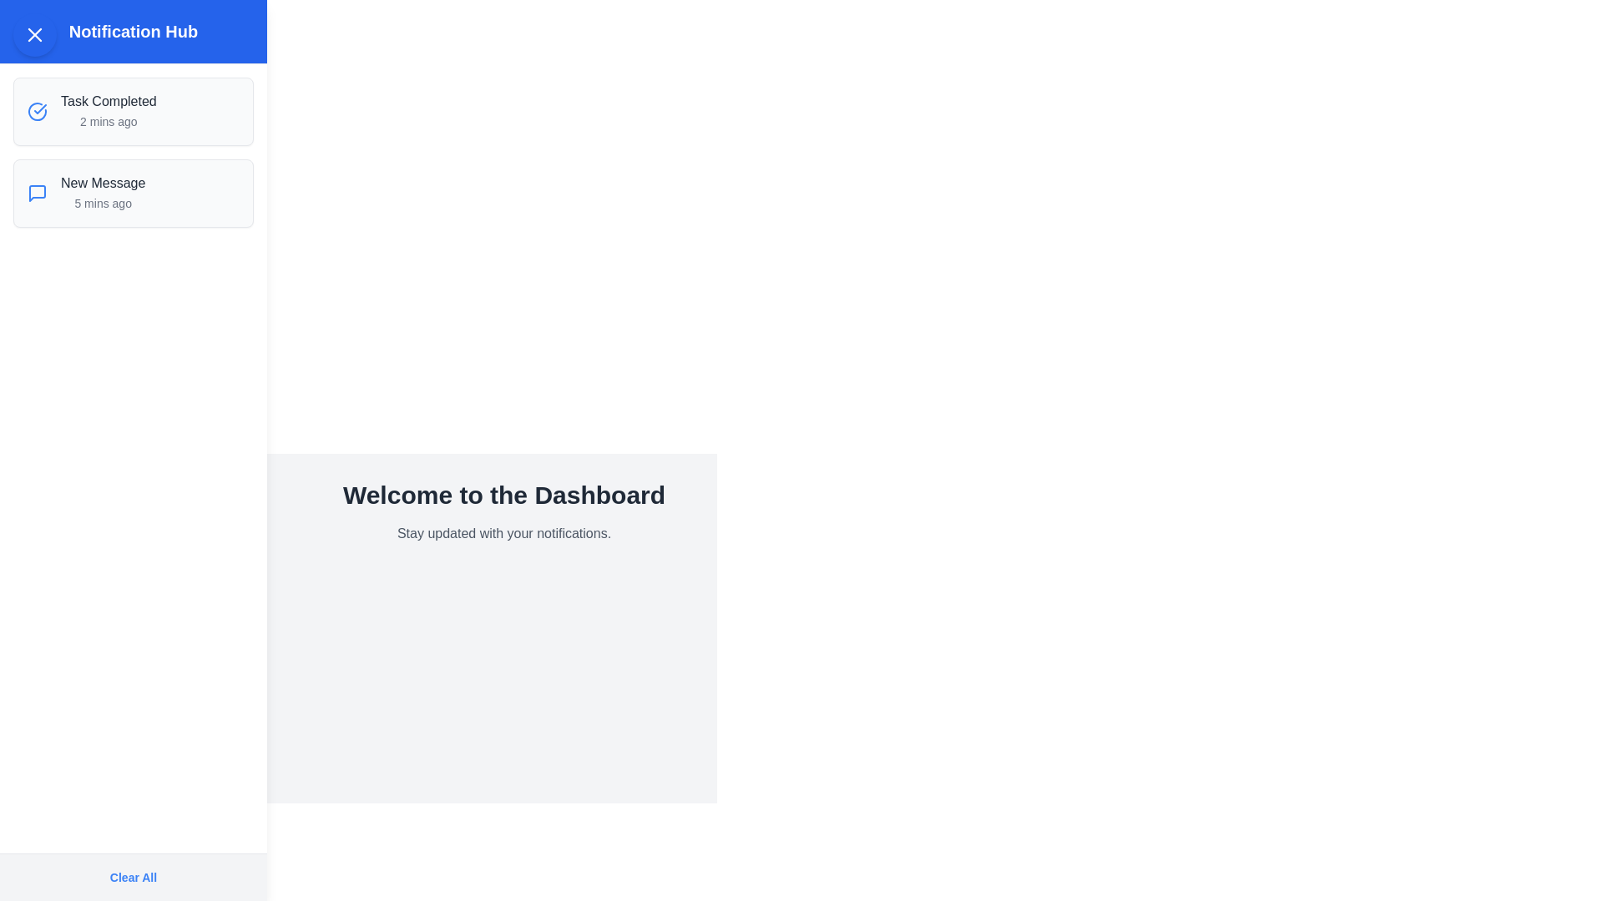 This screenshot has height=901, width=1603. I want to click on the circular icon with a blue border and checkmark inside, representing a completed action, located at the top-left corner of the 'Task Completed' list item, so click(37, 112).